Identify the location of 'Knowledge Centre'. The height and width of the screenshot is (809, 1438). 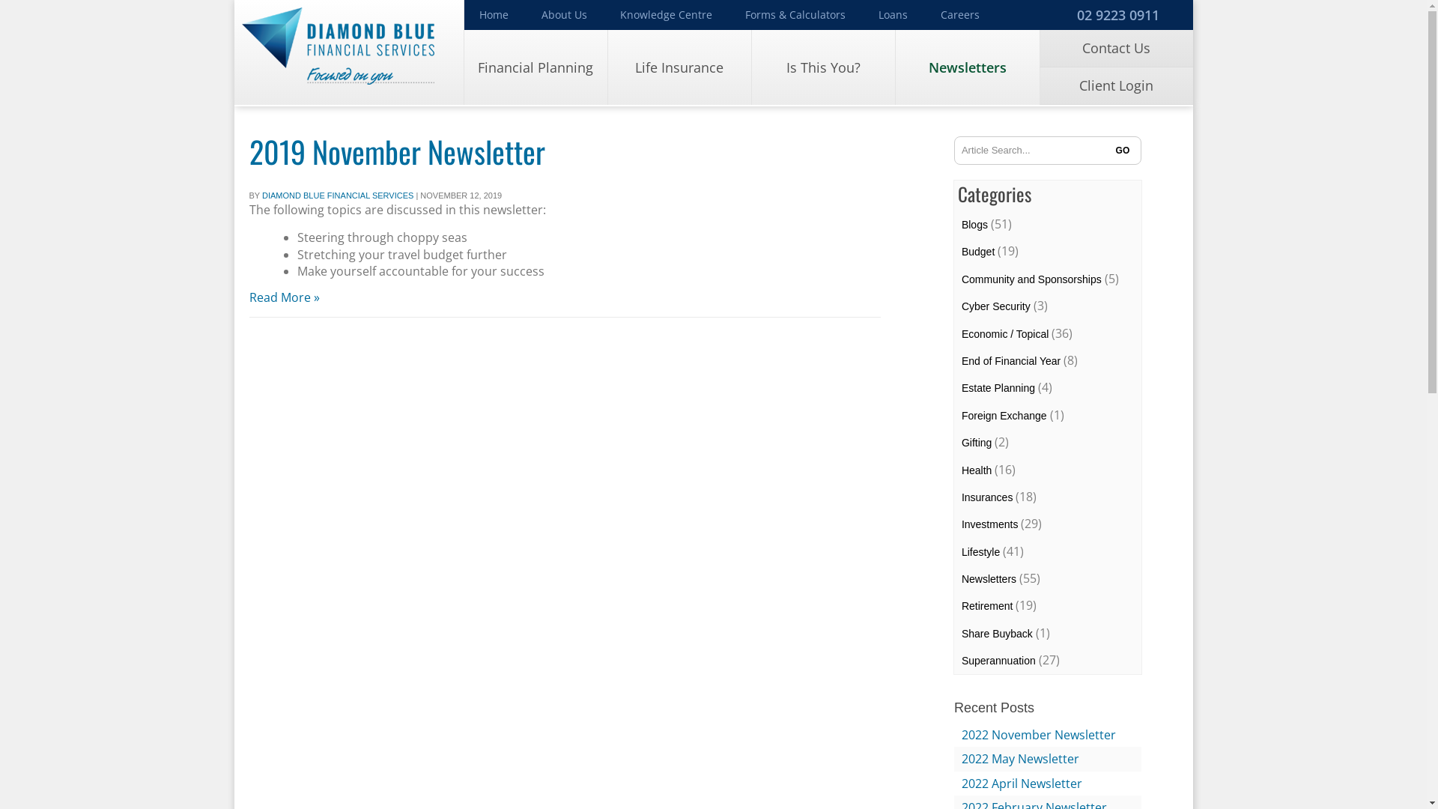
(665, 14).